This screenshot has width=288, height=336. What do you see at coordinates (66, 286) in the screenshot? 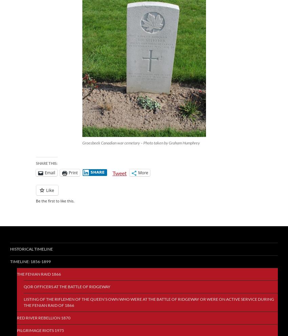
I see `'QOR Officers at the Battle of Ridgeway'` at bounding box center [66, 286].